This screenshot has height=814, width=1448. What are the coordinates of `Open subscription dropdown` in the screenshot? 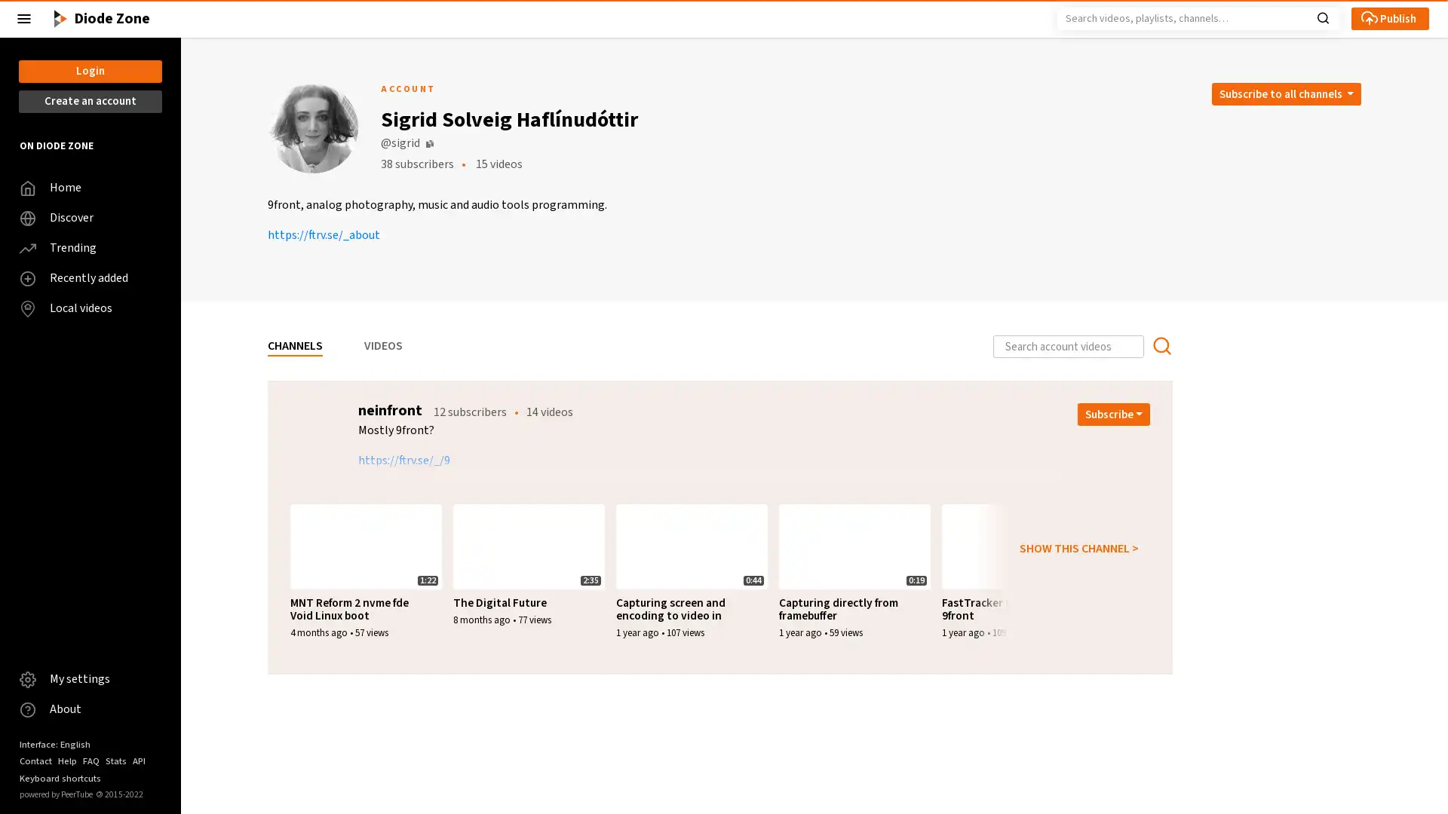 It's located at (1284, 93).